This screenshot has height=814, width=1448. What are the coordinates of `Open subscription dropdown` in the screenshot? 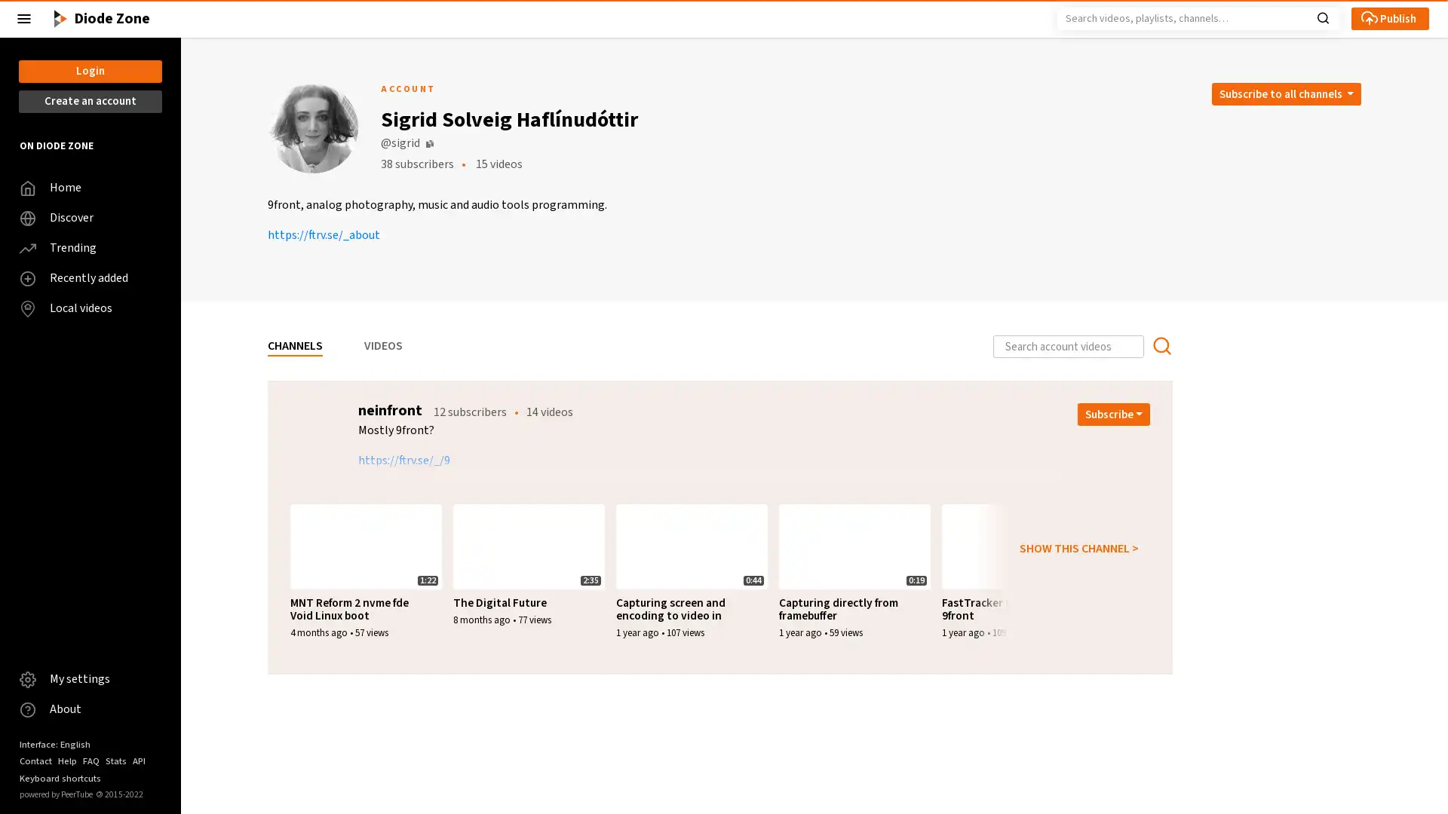 It's located at (1284, 93).